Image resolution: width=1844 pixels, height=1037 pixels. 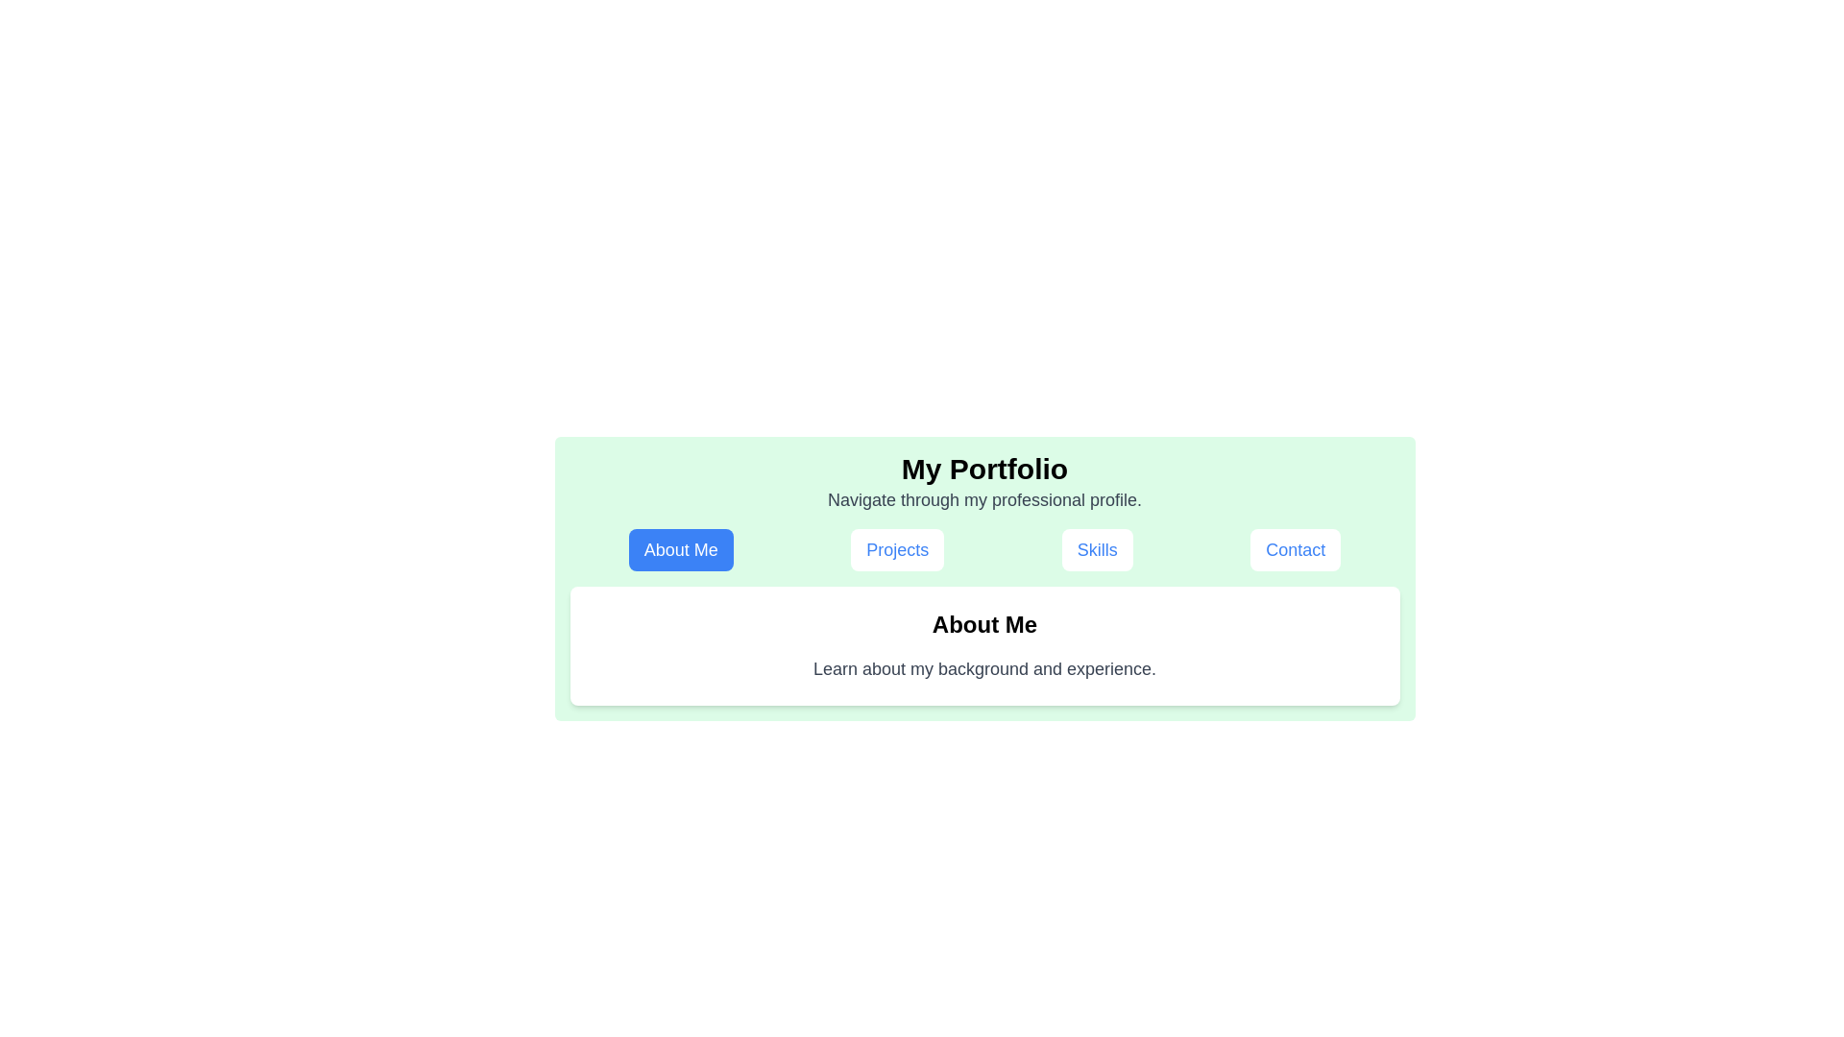 What do you see at coordinates (1295, 550) in the screenshot?
I see `the Contact tab to display its content` at bounding box center [1295, 550].